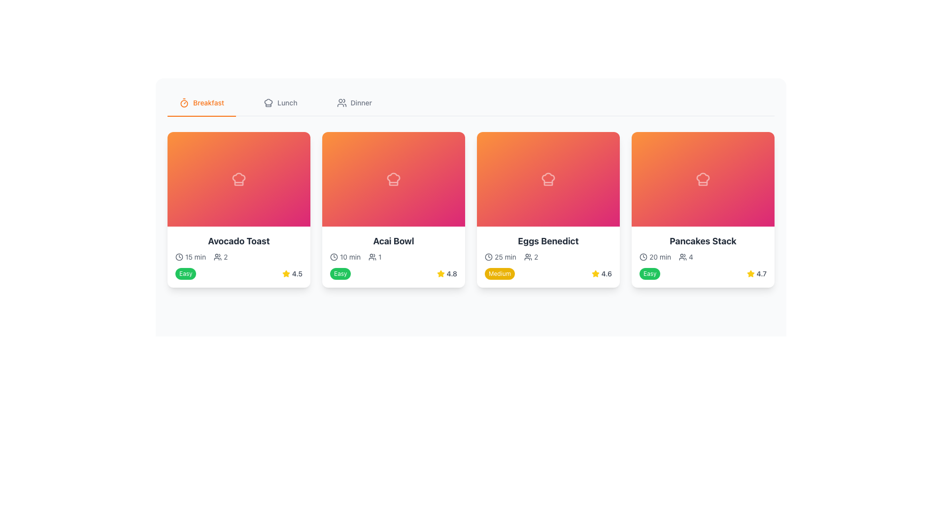 This screenshot has height=532, width=946. What do you see at coordinates (269, 102) in the screenshot?
I see `the 'Lunch' tab icon located in the center of the top navigation bar, positioned between the 'Breakfast' and 'Dinner' tabs` at bounding box center [269, 102].